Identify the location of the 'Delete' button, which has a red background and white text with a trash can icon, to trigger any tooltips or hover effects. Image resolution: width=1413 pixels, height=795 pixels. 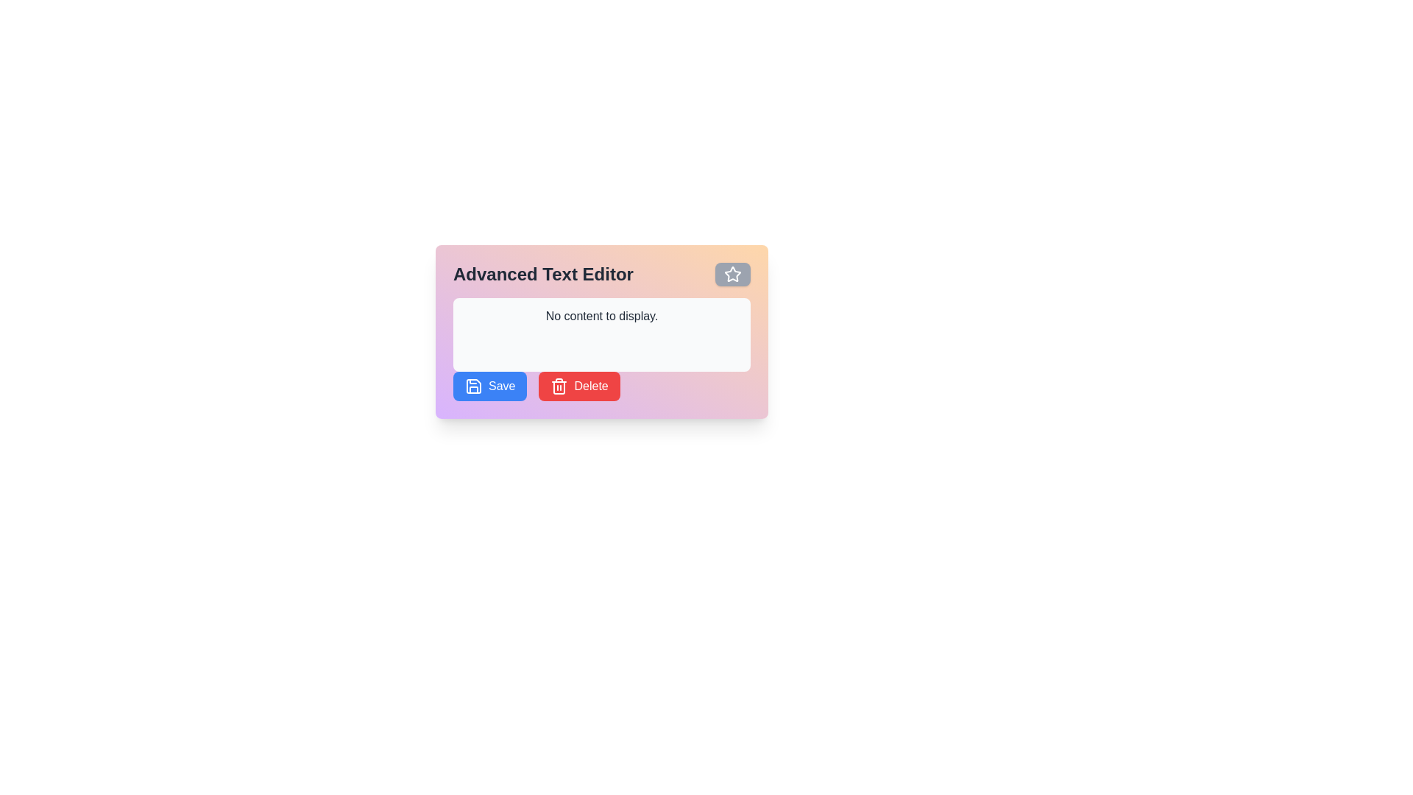
(578, 385).